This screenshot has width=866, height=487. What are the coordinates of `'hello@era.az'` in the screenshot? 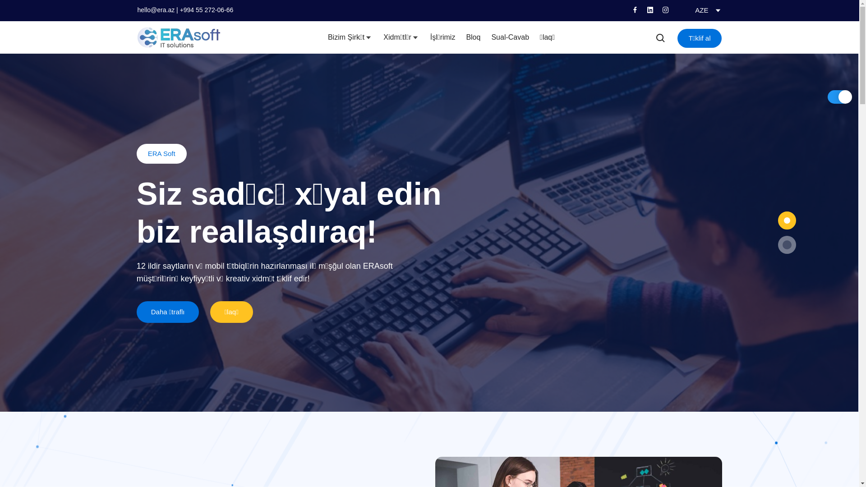 It's located at (136, 10).